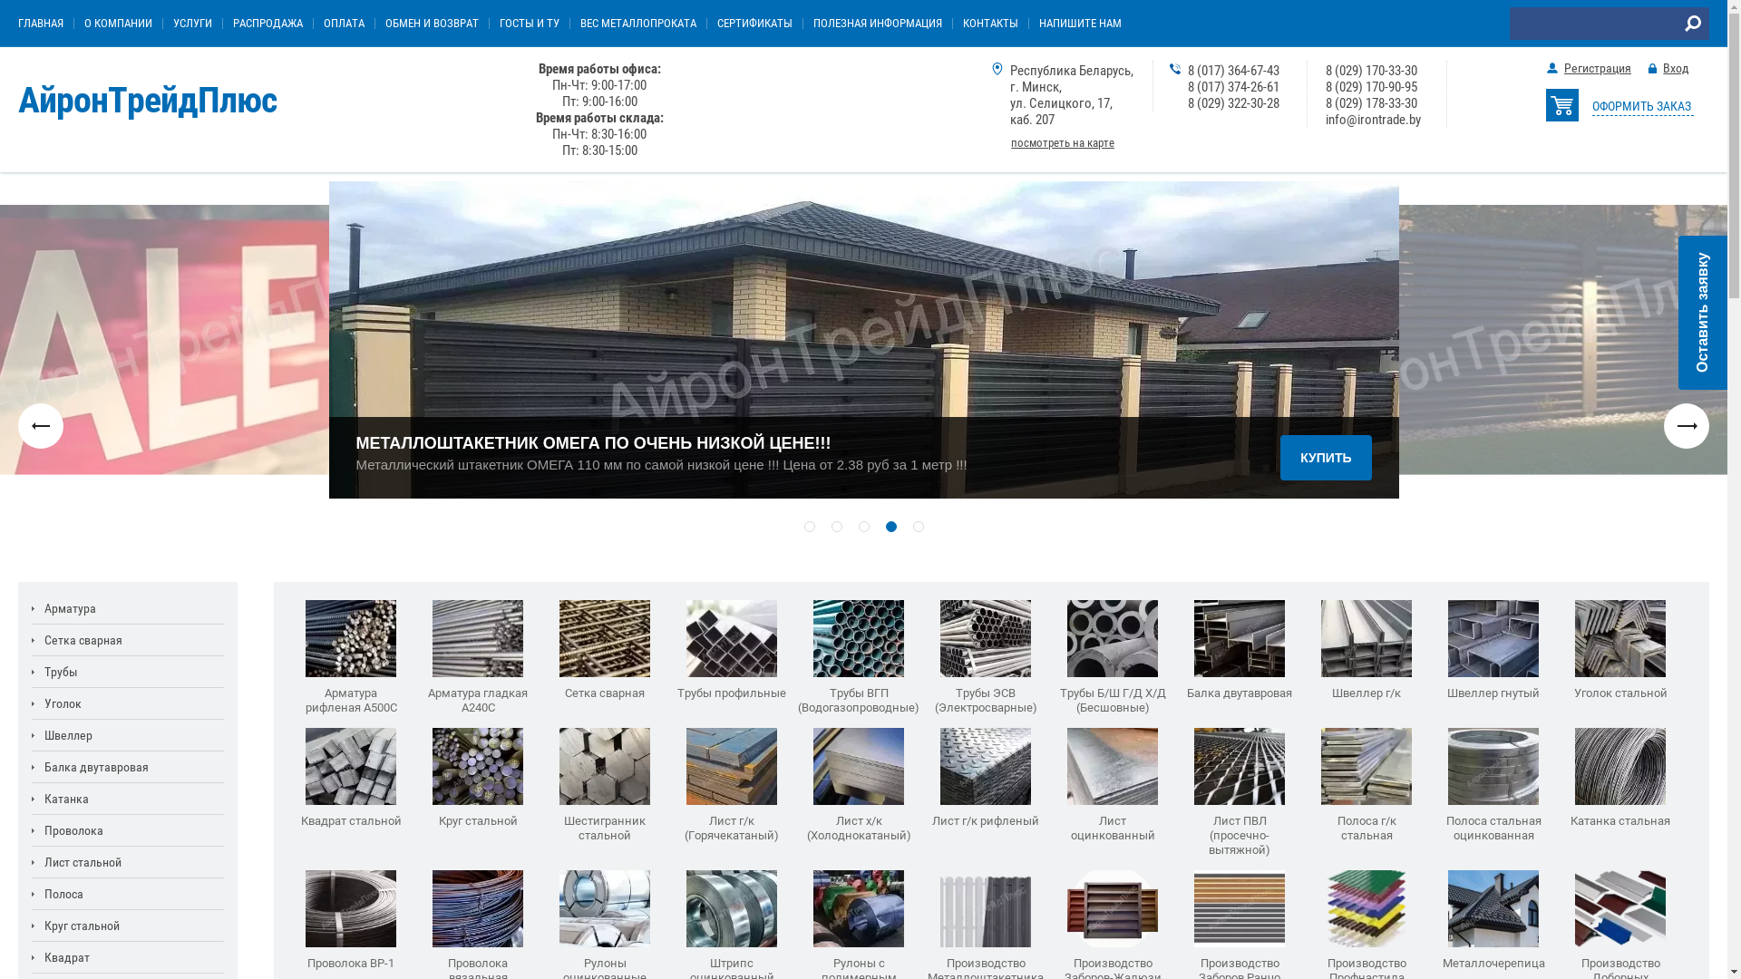  What do you see at coordinates (1326, 103) in the screenshot?
I see `'8 (029) 178-33-30'` at bounding box center [1326, 103].